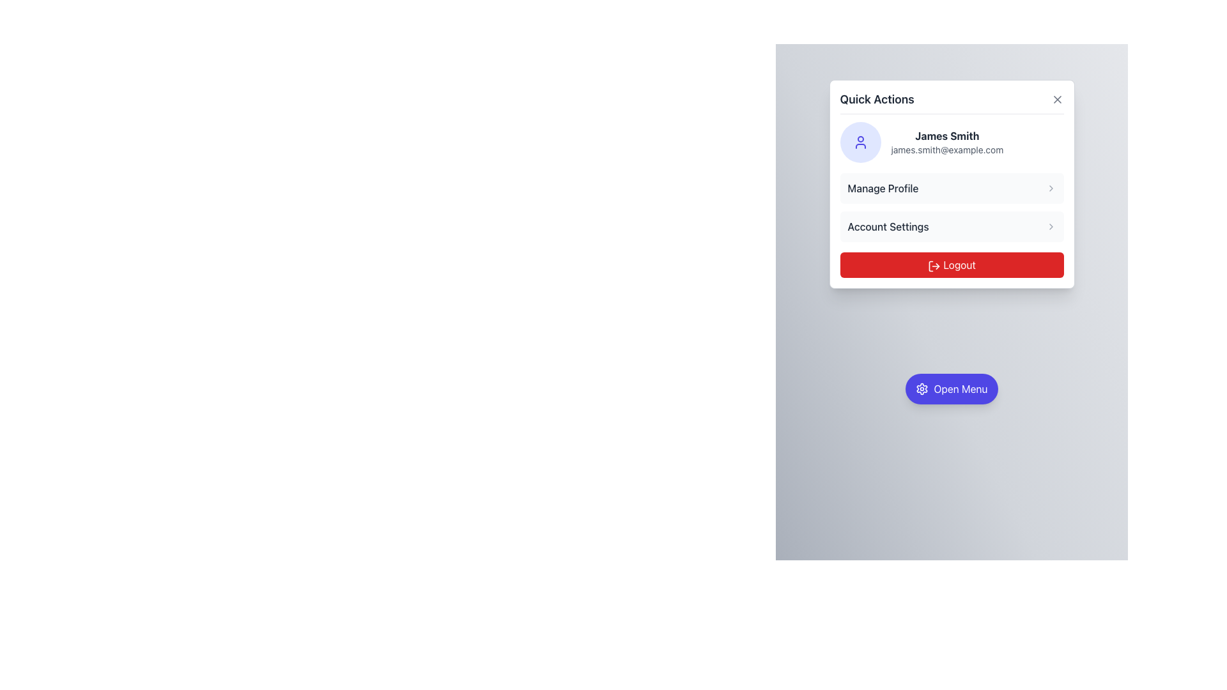  Describe the element at coordinates (888, 226) in the screenshot. I see `the 'Account Settings' label, which is styled with medium font weight and dark gray color, located in the first position of a dropdown menu` at that location.